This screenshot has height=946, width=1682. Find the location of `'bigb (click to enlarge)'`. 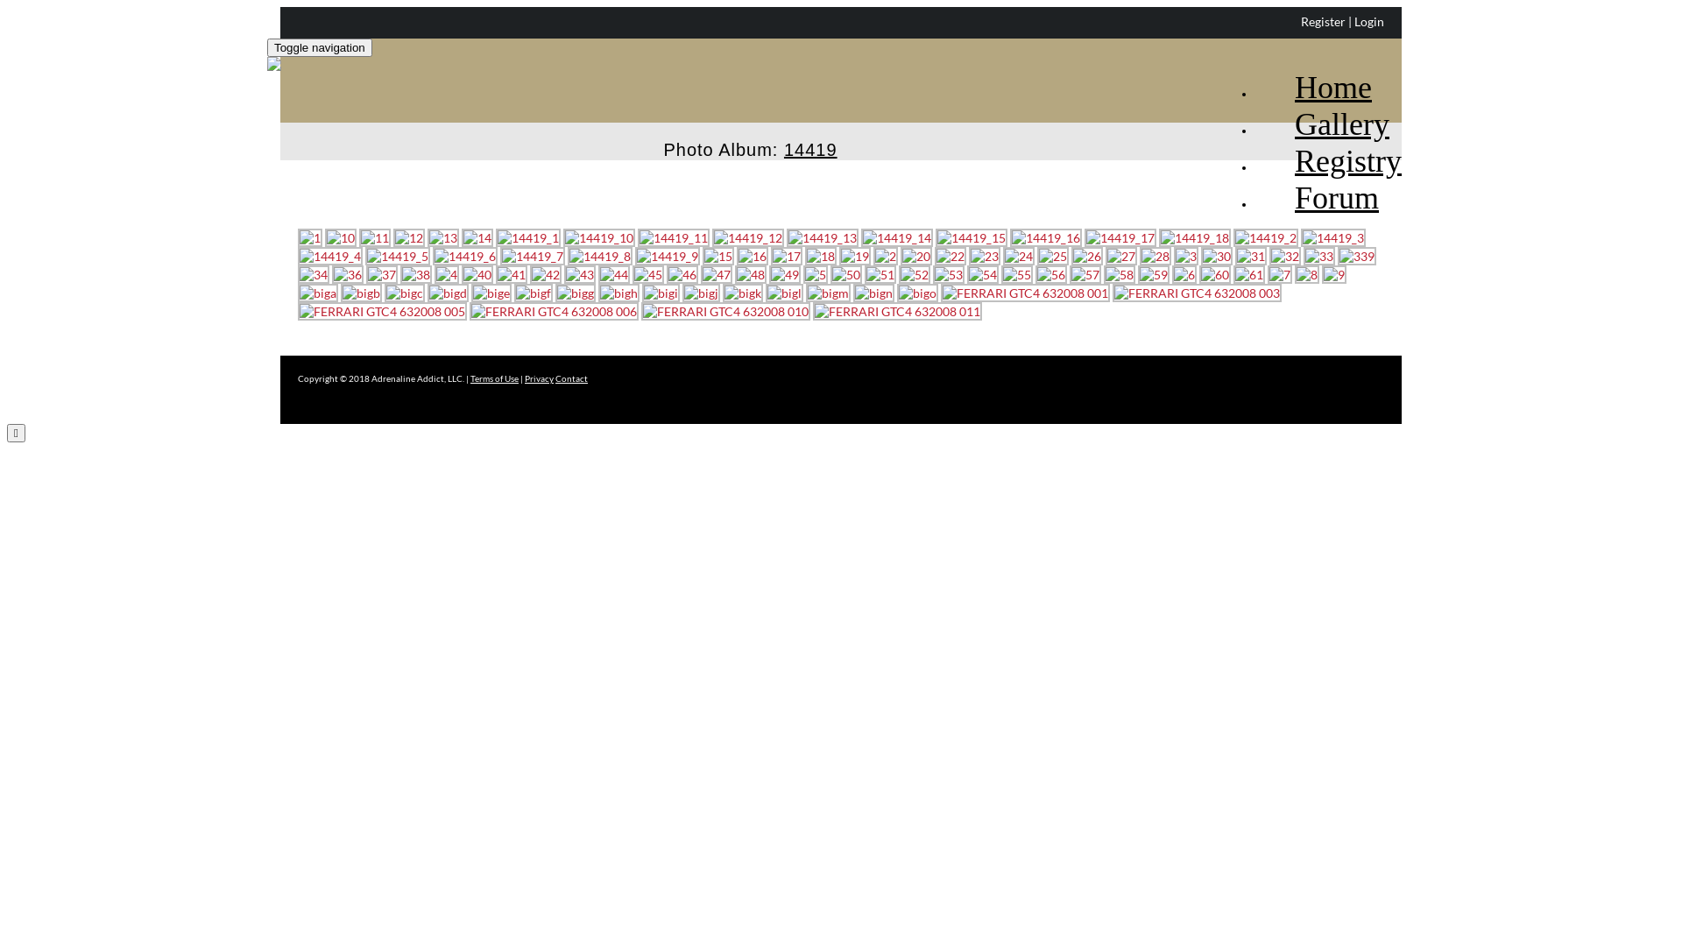

'bigb (click to enlarge)' is located at coordinates (360, 292).